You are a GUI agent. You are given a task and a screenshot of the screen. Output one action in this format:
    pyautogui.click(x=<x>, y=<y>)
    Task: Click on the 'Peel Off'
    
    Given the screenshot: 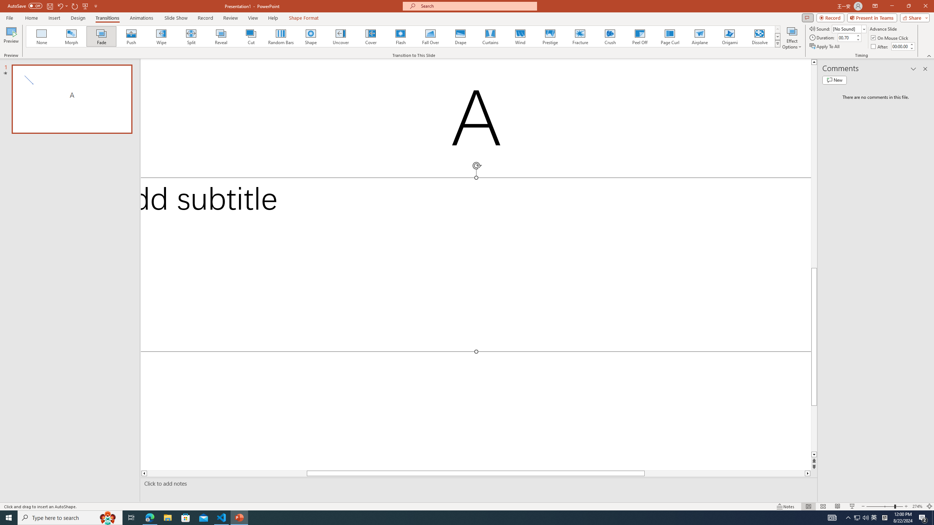 What is the action you would take?
    pyautogui.click(x=639, y=36)
    